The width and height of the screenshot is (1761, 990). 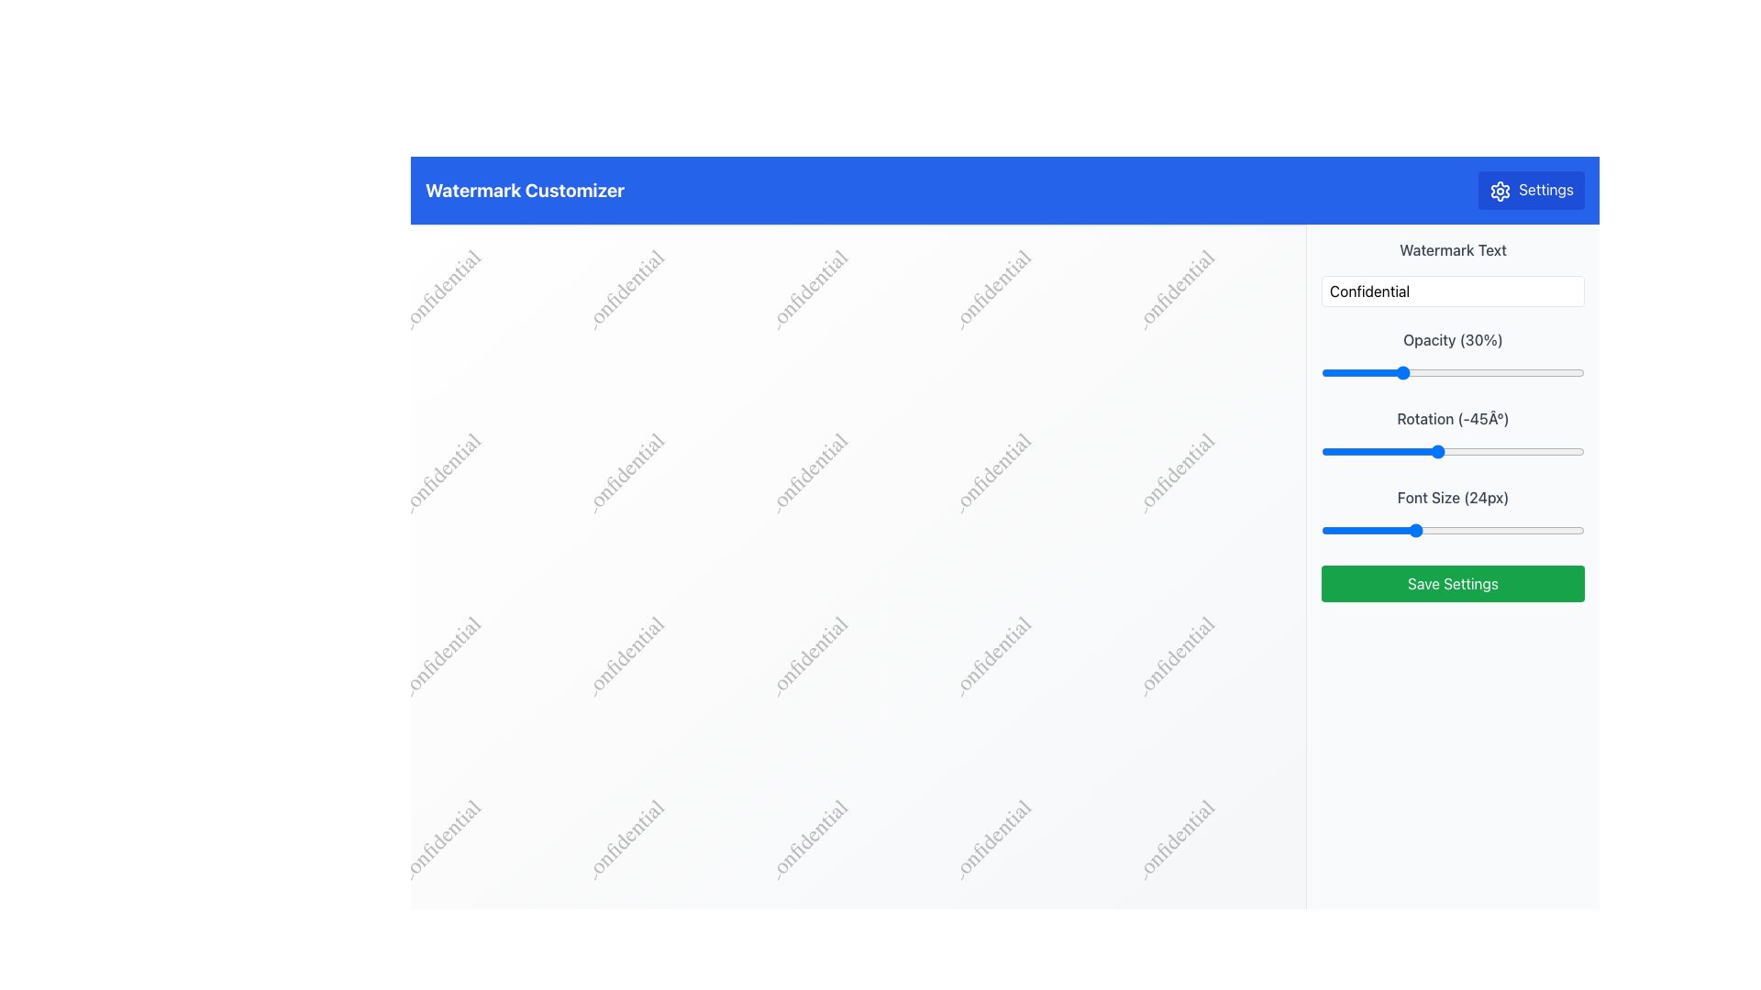 I want to click on rotation, so click(x=1369, y=451).